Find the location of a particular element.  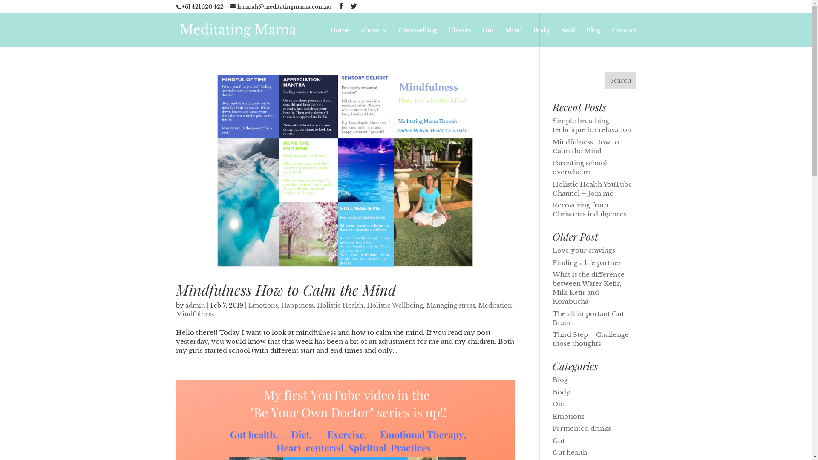

'Happiness' is located at coordinates (297, 305).